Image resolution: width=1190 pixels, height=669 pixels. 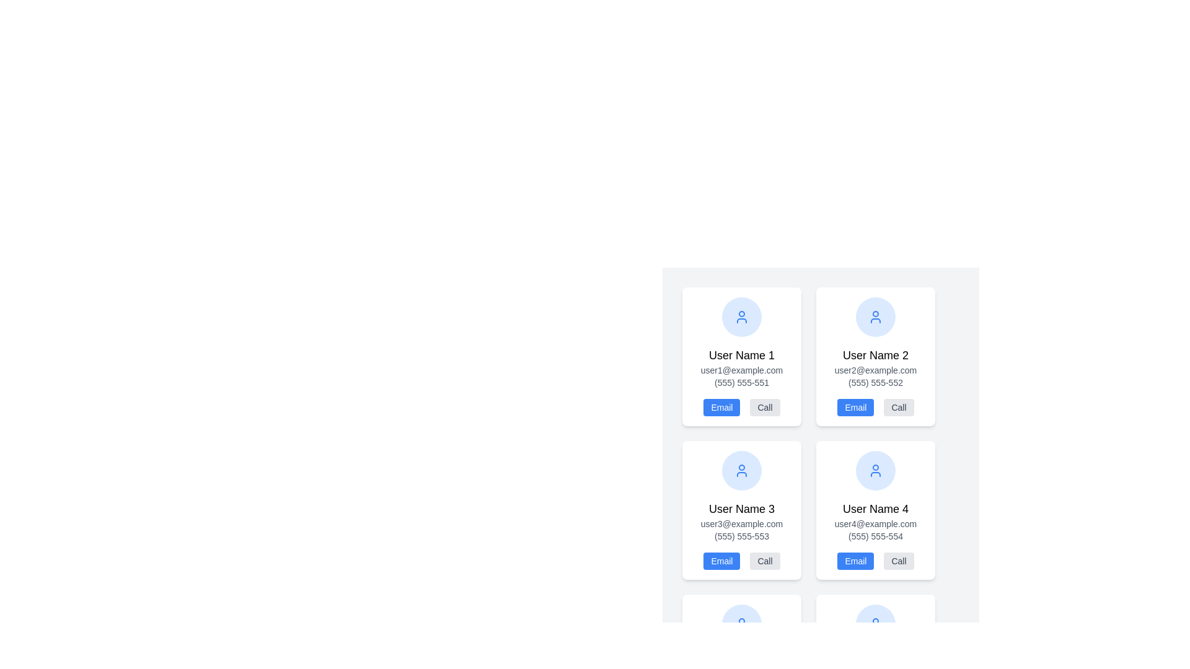 I want to click on the blue 'Email' button with white text, located beneath the user contact information for 'User Name 1', to initiate the email action, so click(x=721, y=408).